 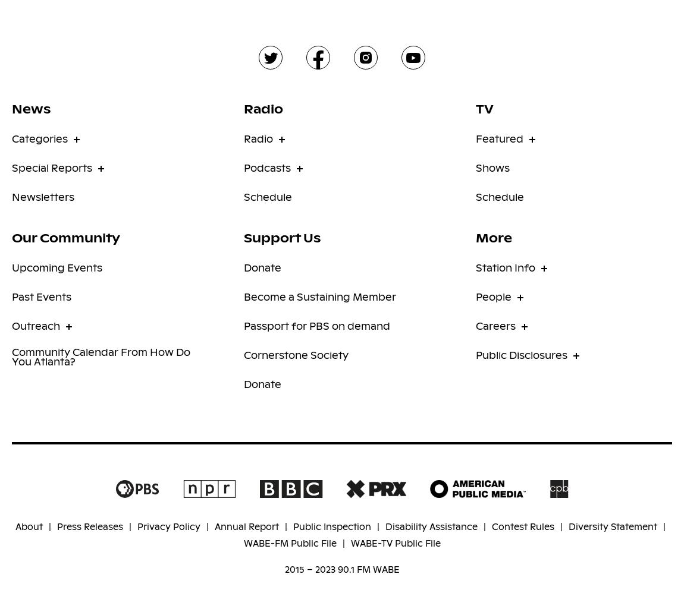 What do you see at coordinates (394, 542) in the screenshot?
I see `'WABE-TV Public File'` at bounding box center [394, 542].